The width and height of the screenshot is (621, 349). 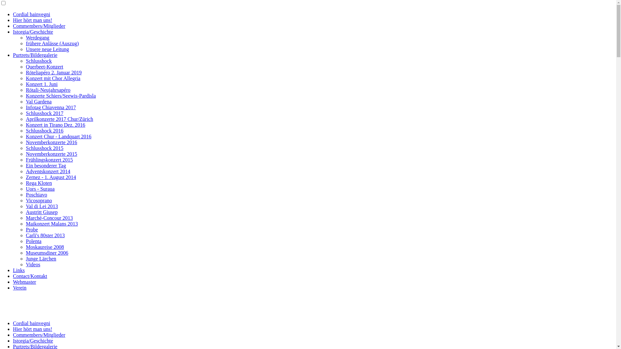 I want to click on 'Istorgia/Geschichte', so click(x=32, y=340).